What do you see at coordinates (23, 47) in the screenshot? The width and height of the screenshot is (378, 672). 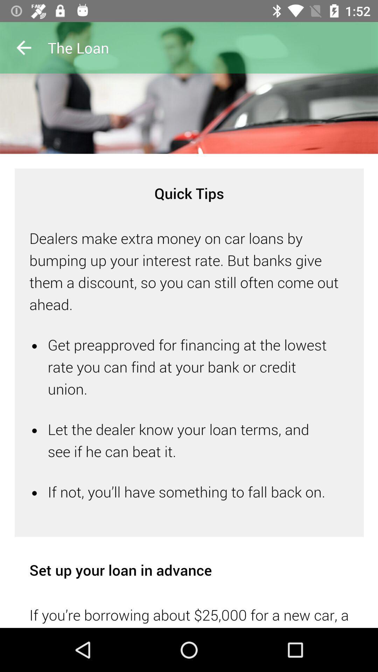 I see `previous button` at bounding box center [23, 47].